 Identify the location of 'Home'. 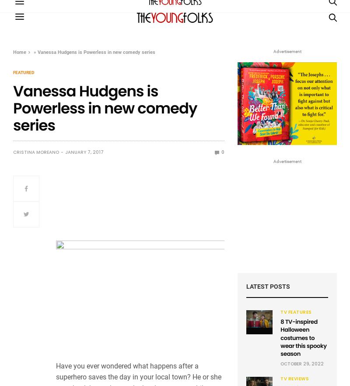
(19, 52).